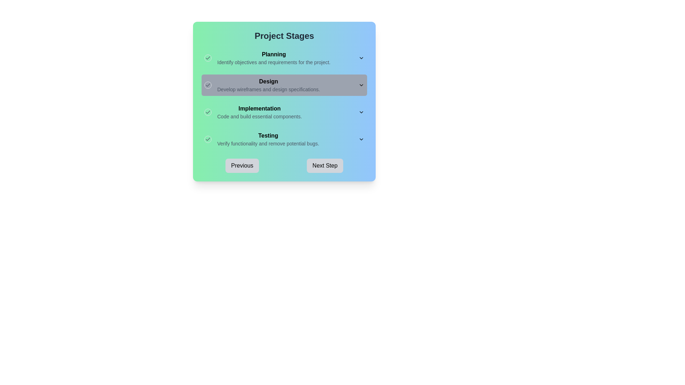 This screenshot has width=685, height=385. I want to click on the checkbox element, which is a small circular UI component with a thin border and a centered grey checkmark icon, located to the left of the bold text 'Testing', so click(207, 139).